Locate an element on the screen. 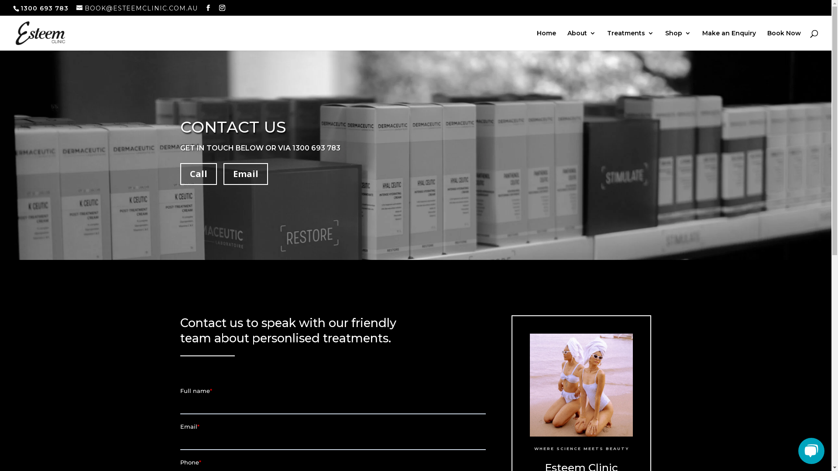 This screenshot has width=838, height=471. 'Email' is located at coordinates (245, 174).